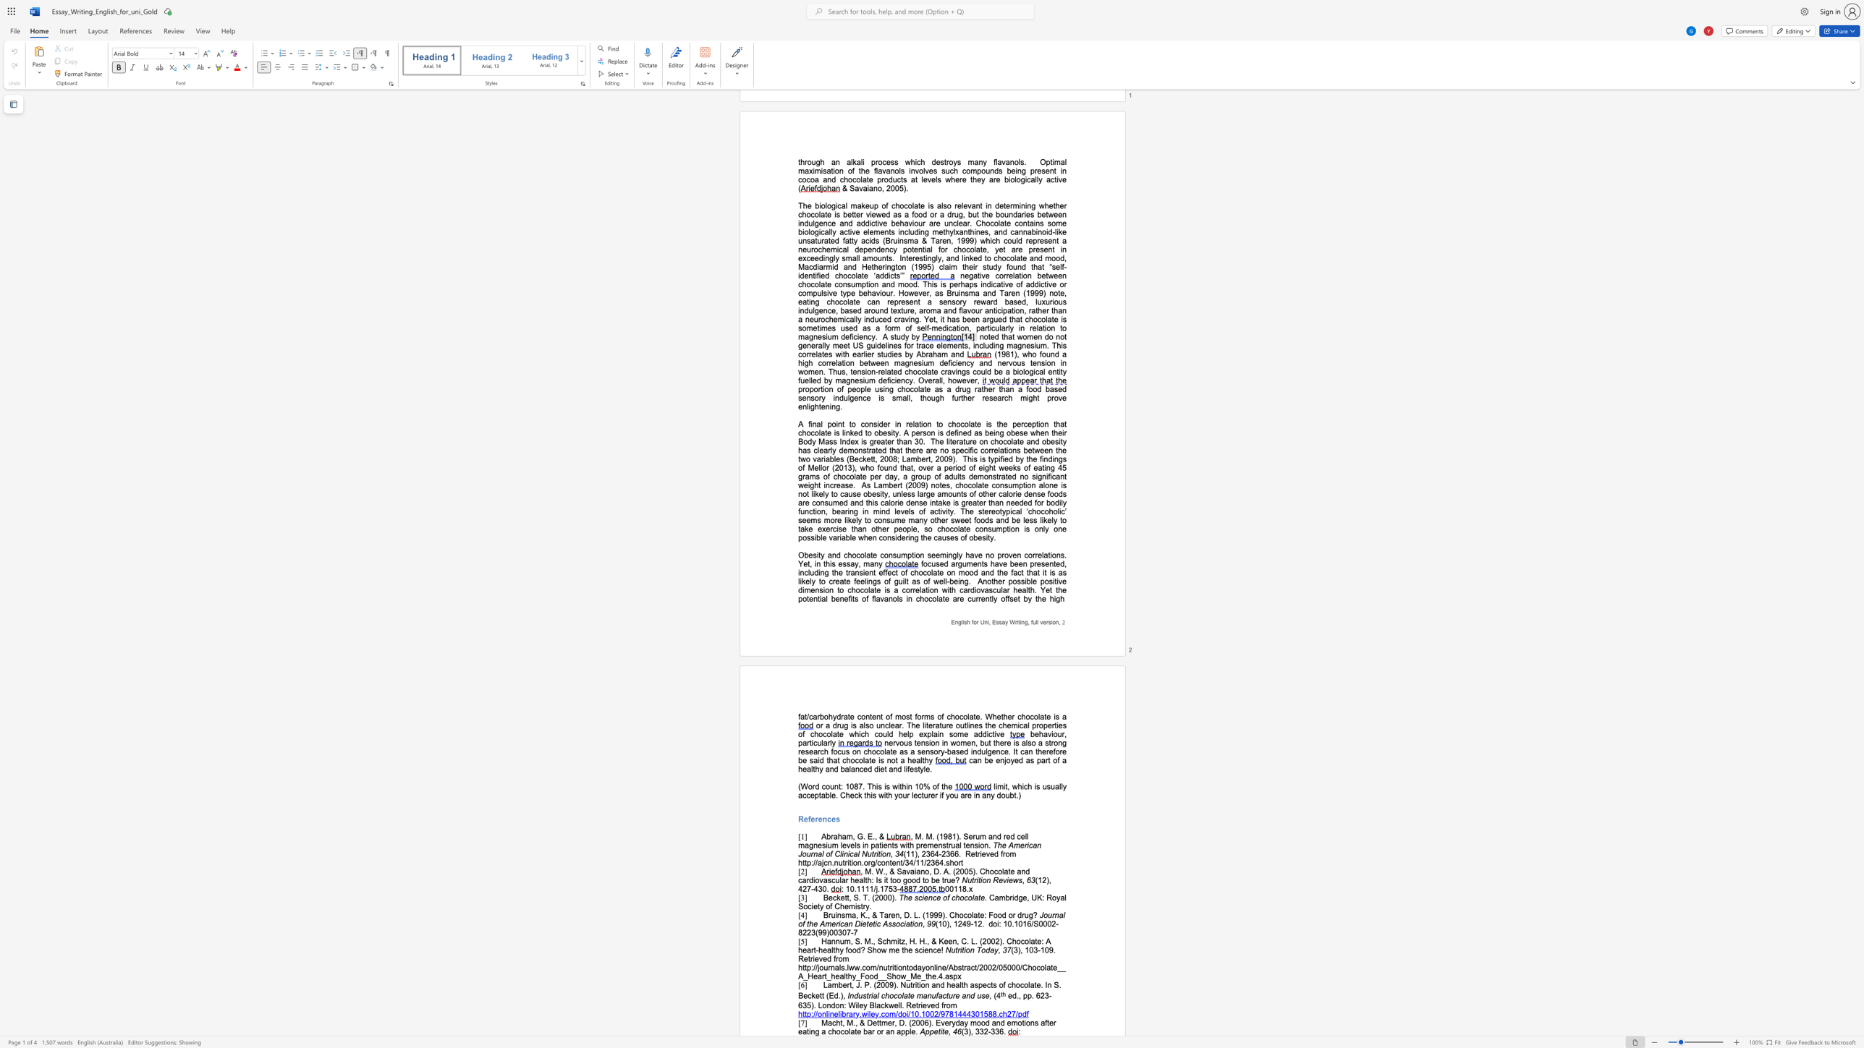 This screenshot has height=1048, width=1864. Describe the element at coordinates (999, 1021) in the screenshot. I see `the subset text "d emotions after eating a chocolate bar or an" within the text "Macht, M., & Dettmer, D. (2006). Everyday mood and emotions after eating a chocolate bar or an apple."` at that location.